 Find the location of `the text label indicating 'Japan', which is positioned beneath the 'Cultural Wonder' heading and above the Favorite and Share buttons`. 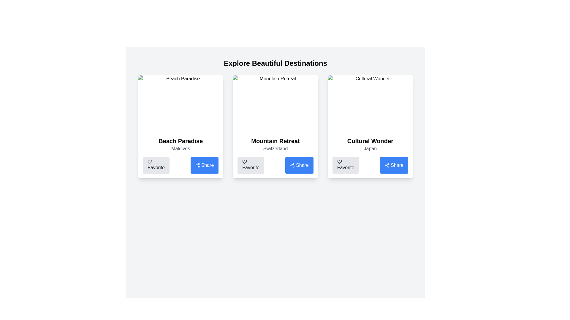

the text label indicating 'Japan', which is positioned beneath the 'Cultural Wonder' heading and above the Favorite and Share buttons is located at coordinates (370, 148).